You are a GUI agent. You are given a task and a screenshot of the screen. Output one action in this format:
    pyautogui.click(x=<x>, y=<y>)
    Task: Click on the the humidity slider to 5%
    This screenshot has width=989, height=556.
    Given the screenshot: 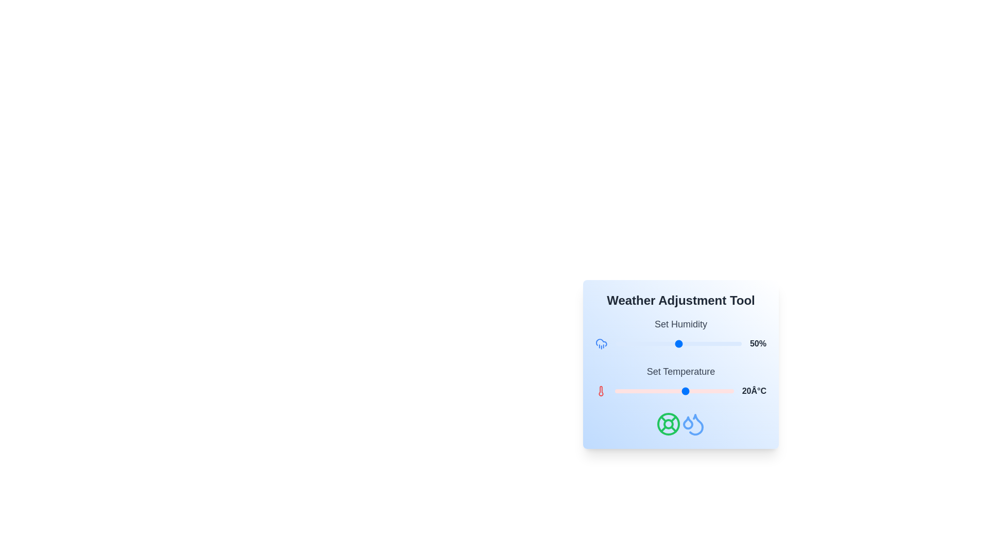 What is the action you would take?
    pyautogui.click(x=621, y=343)
    